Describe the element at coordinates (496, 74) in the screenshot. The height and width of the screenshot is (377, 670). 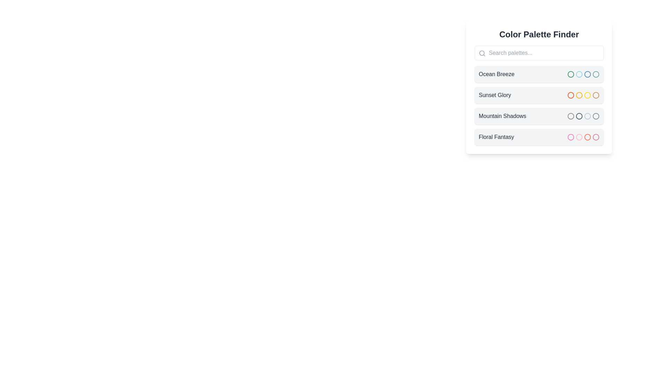
I see `text label 'Ocean Breeze' that is styled in medium size and gray color, located above 'Sunset Glory' in the 'Color Palette Finder' list` at that location.